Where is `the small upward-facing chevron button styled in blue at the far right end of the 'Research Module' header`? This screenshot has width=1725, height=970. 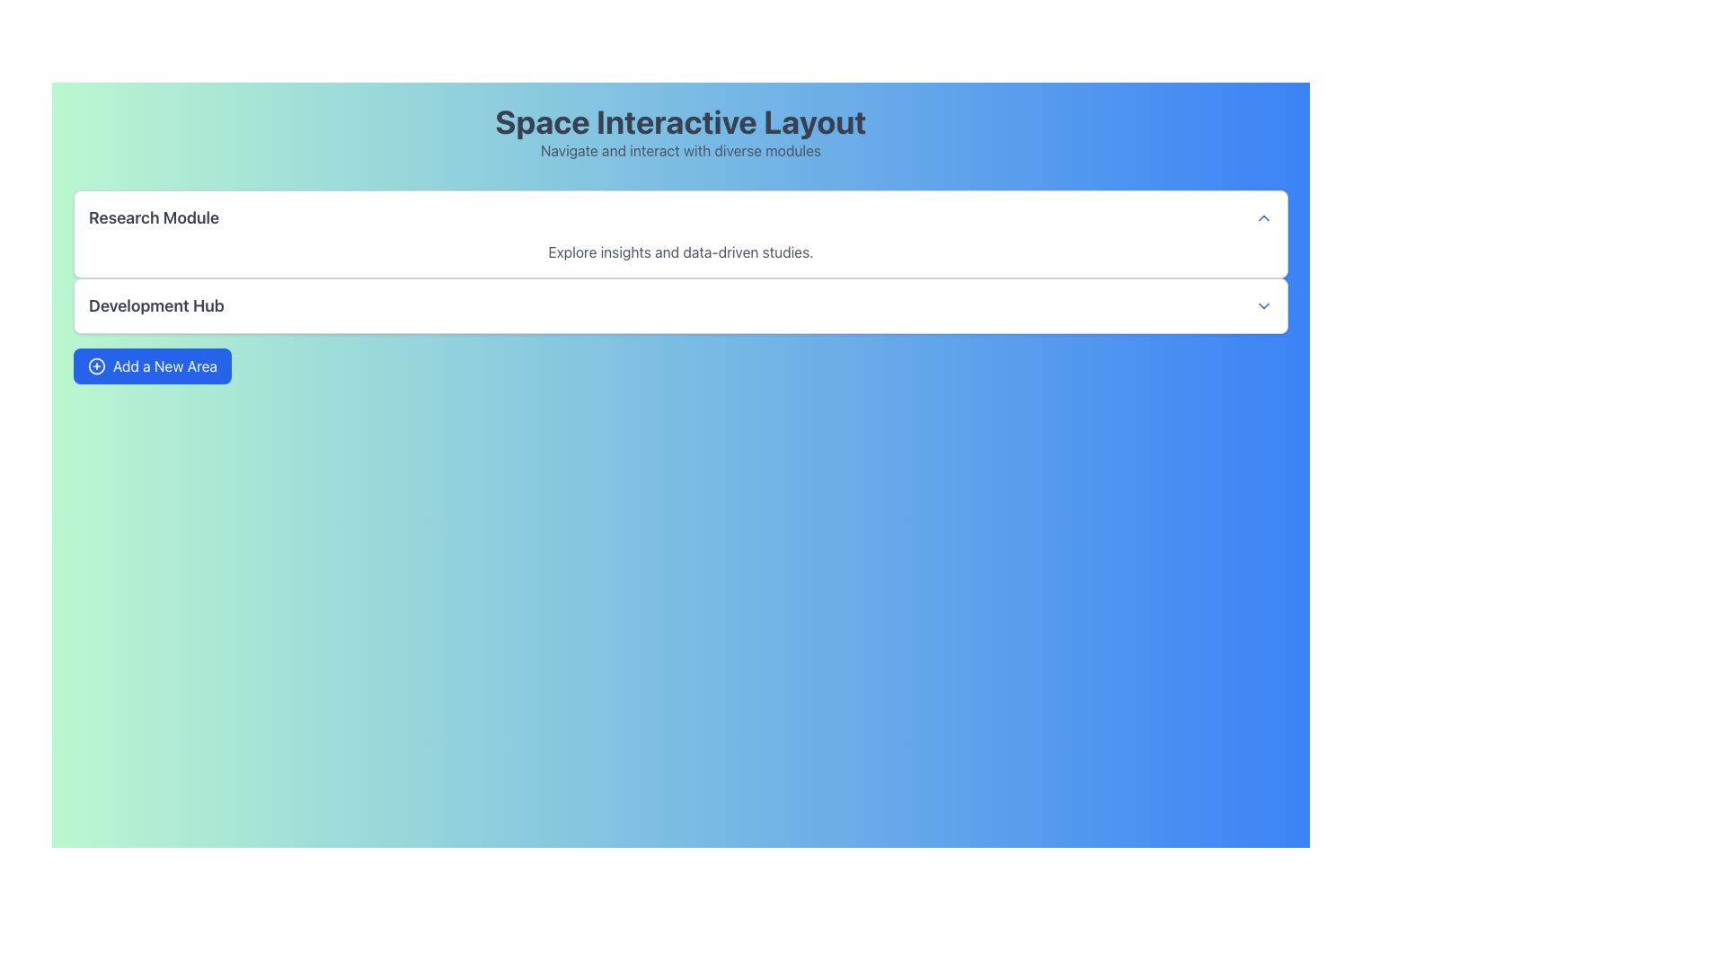
the small upward-facing chevron button styled in blue at the far right end of the 'Research Module' header is located at coordinates (1262, 217).